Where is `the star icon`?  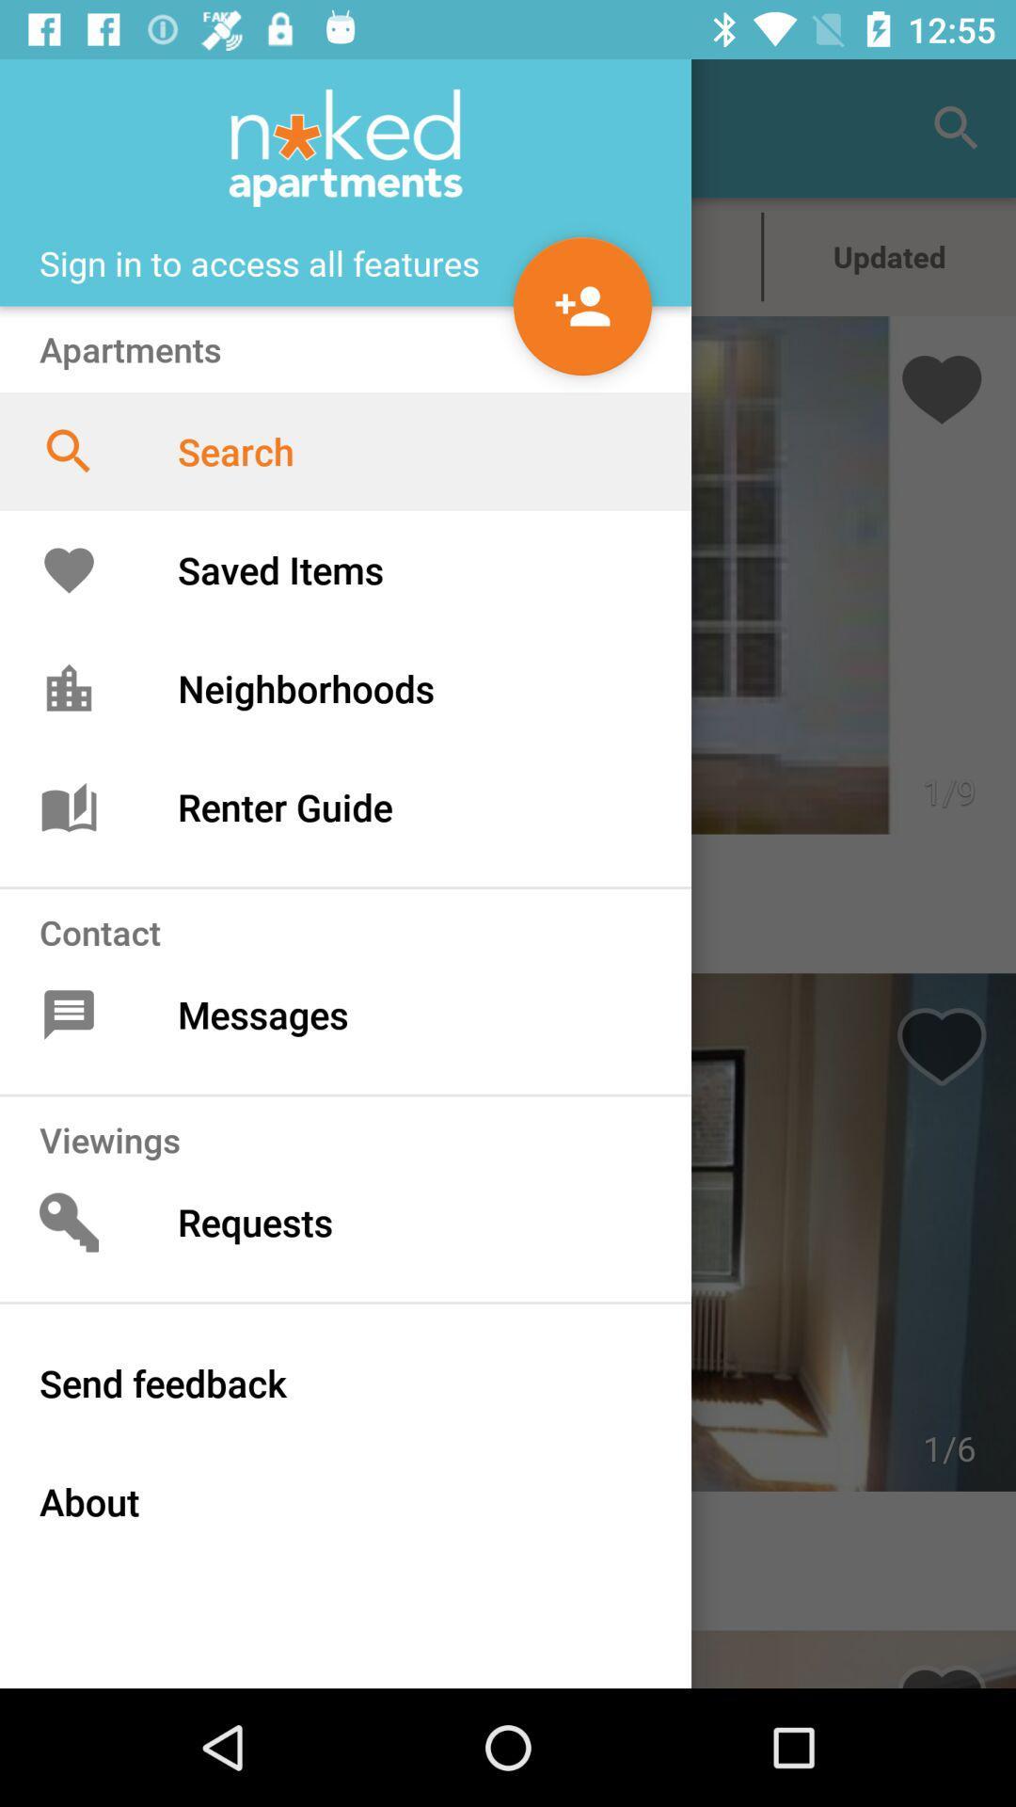
the star icon is located at coordinates (635, 256).